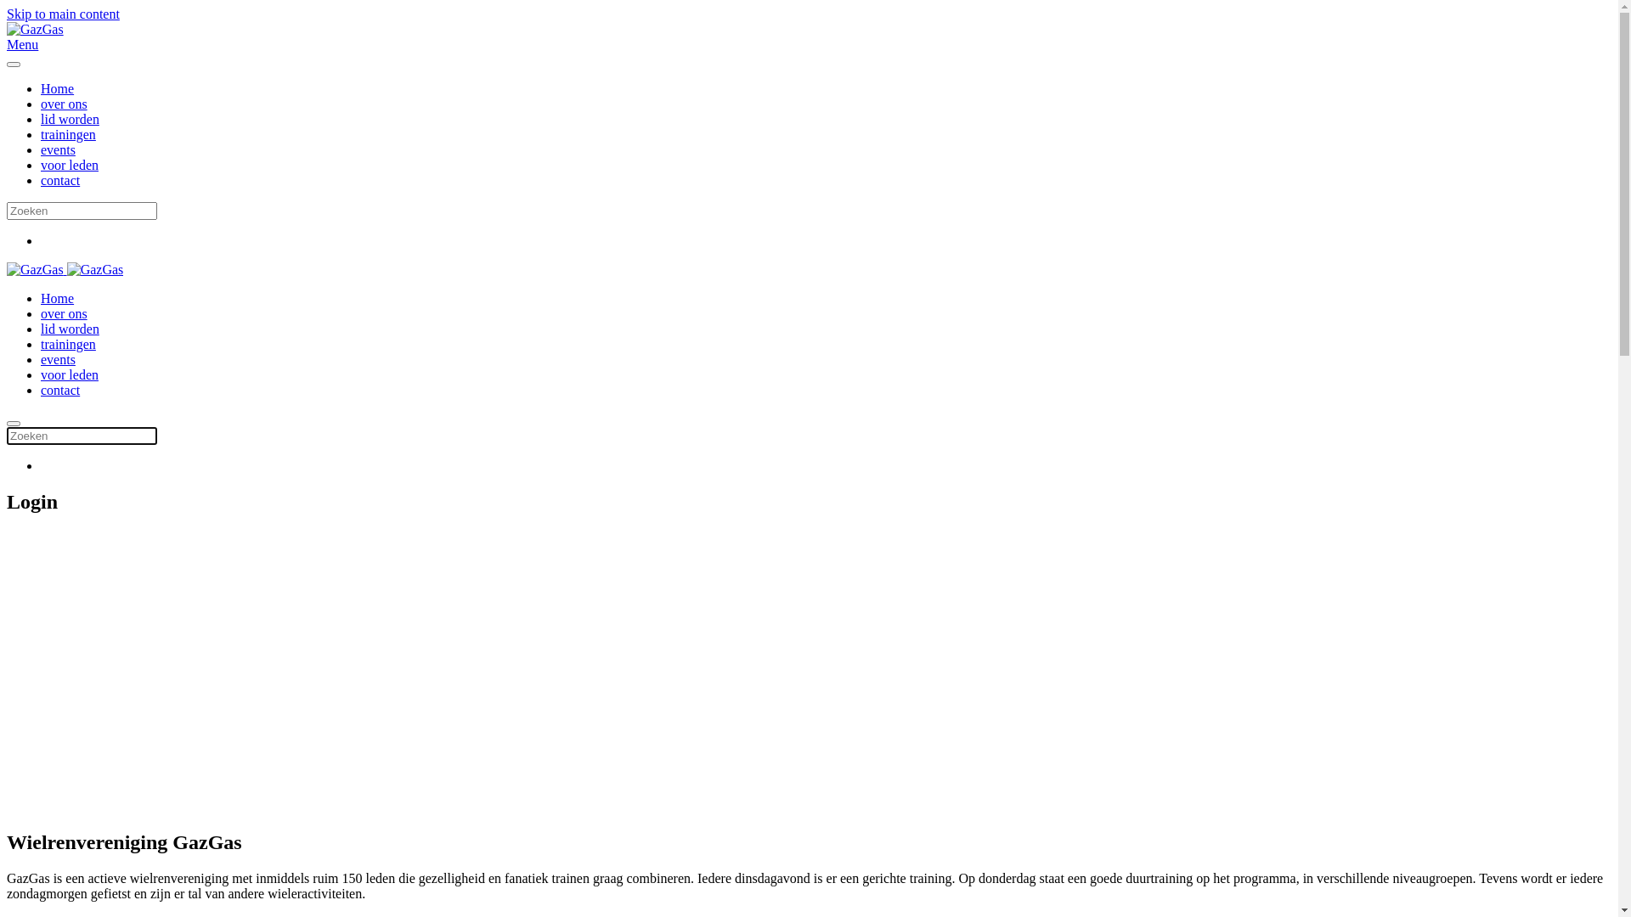 The image size is (1631, 917). What do you see at coordinates (64, 313) in the screenshot?
I see `'over ons'` at bounding box center [64, 313].